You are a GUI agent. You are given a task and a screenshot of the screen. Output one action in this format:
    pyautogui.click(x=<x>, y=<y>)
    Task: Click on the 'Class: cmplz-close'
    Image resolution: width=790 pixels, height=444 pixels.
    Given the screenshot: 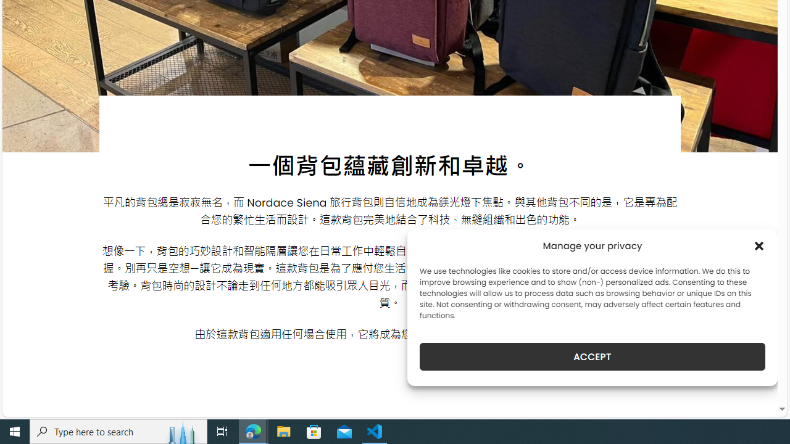 What is the action you would take?
    pyautogui.click(x=759, y=245)
    